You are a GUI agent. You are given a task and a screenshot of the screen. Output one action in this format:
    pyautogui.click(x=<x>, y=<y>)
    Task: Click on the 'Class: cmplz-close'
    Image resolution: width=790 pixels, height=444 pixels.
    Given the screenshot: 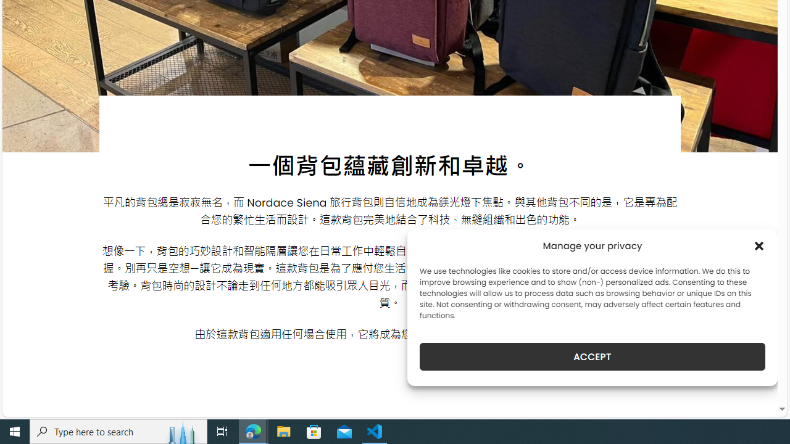 What is the action you would take?
    pyautogui.click(x=759, y=245)
    